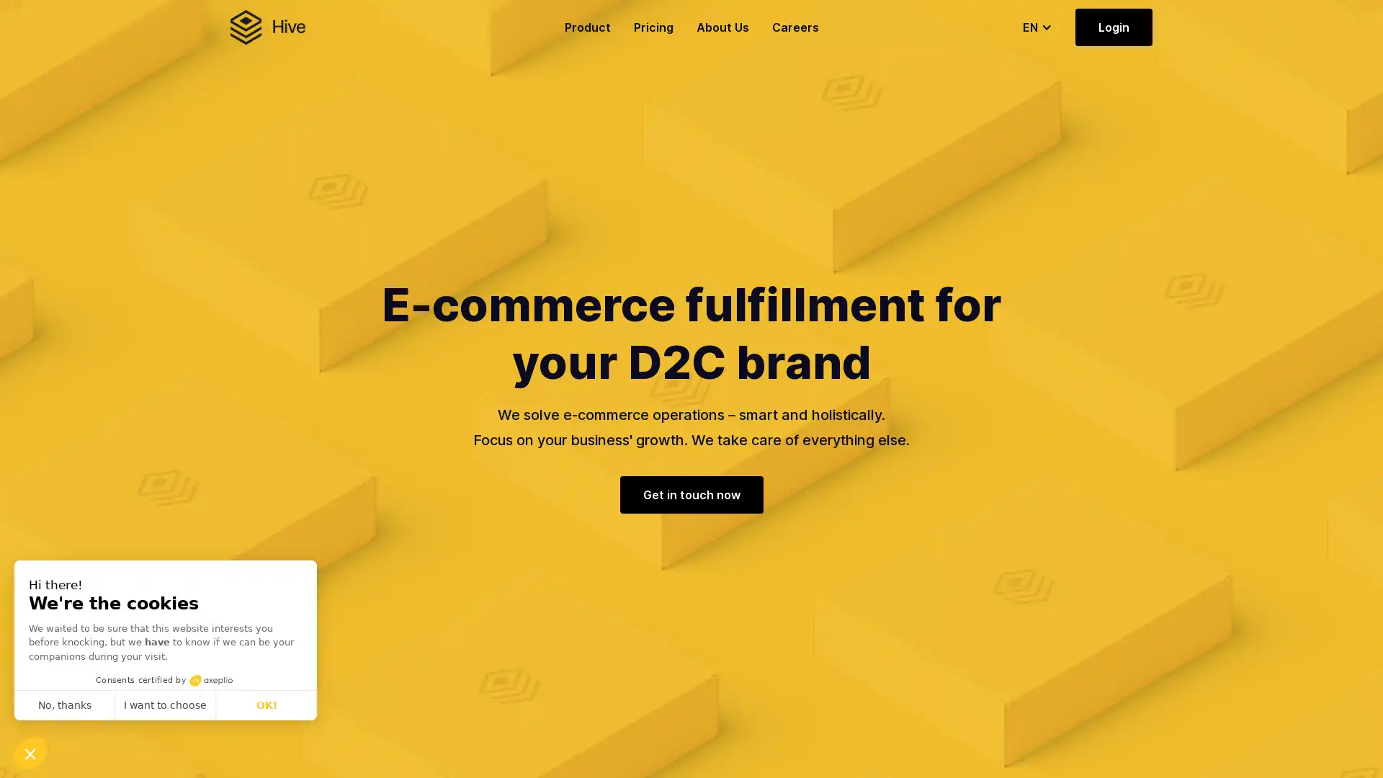 This screenshot has height=778, width=1383. What do you see at coordinates (266, 705) in the screenshot?
I see `OK!` at bounding box center [266, 705].